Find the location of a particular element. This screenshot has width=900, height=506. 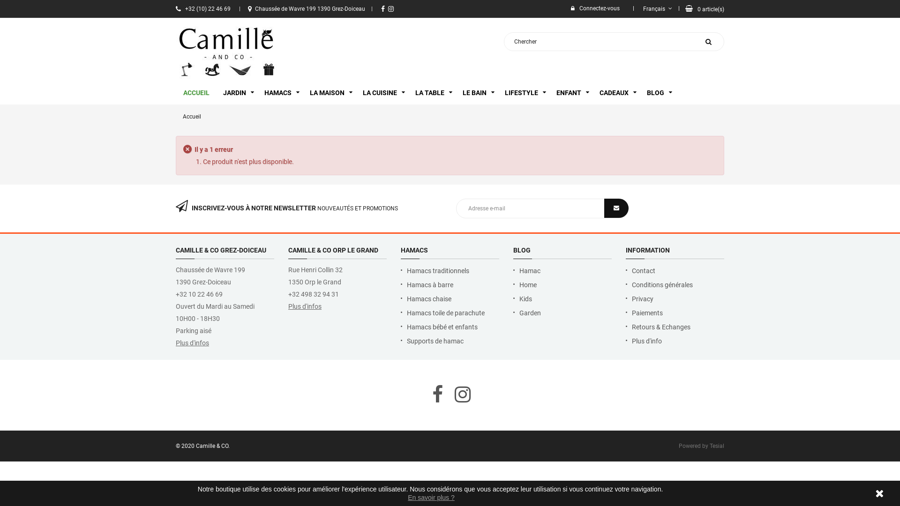

'Privacy' is located at coordinates (625, 298).